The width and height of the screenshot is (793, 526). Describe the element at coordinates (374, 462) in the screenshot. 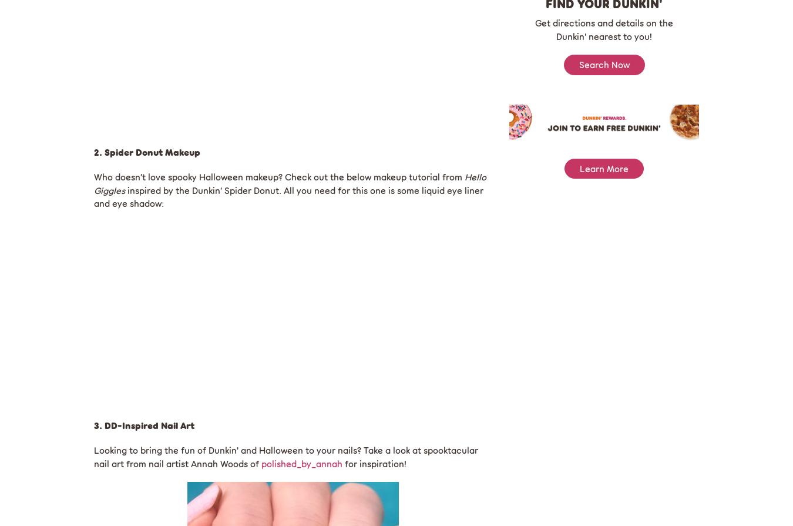

I see `'for inspiration!'` at that location.